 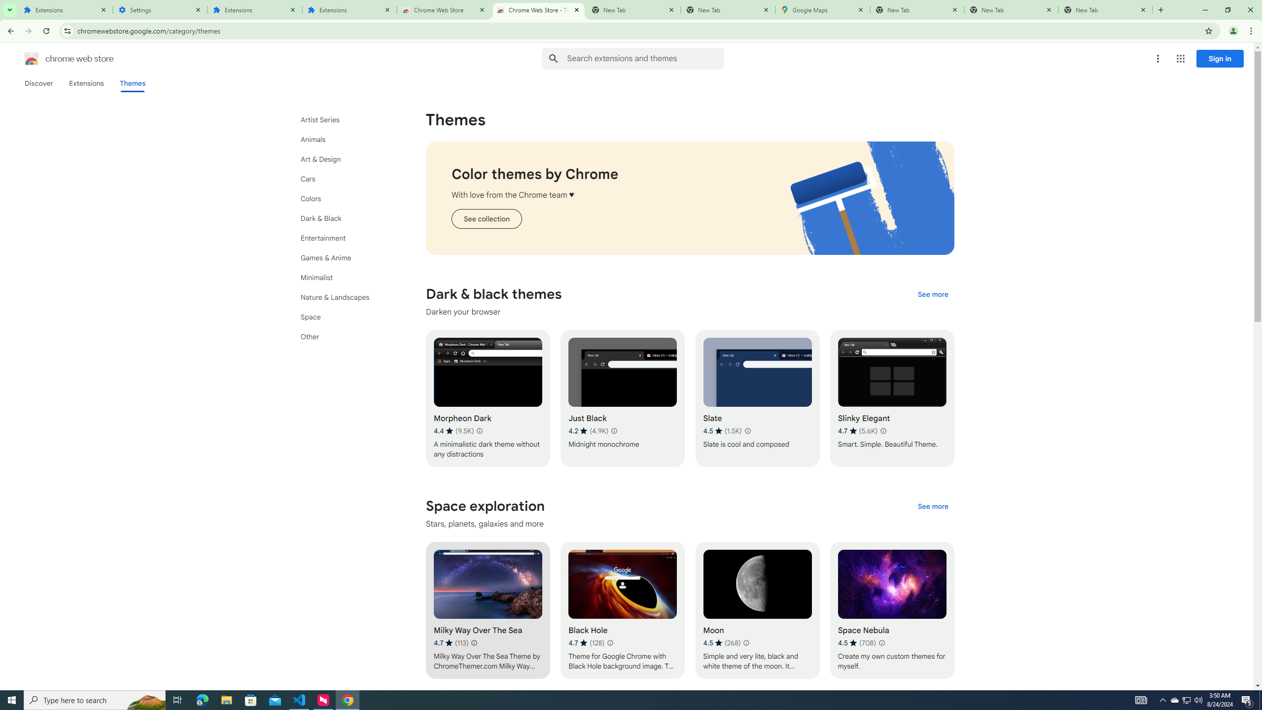 I want to click on 'See more of the "Dark & black themes" collection', so click(x=932, y=293).